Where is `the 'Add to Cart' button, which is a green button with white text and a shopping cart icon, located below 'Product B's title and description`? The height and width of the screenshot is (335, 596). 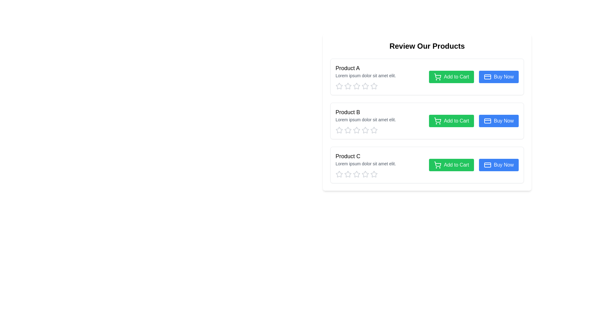 the 'Add to Cart' button, which is a green button with white text and a shopping cart icon, located below 'Product B's title and description is located at coordinates (451, 121).